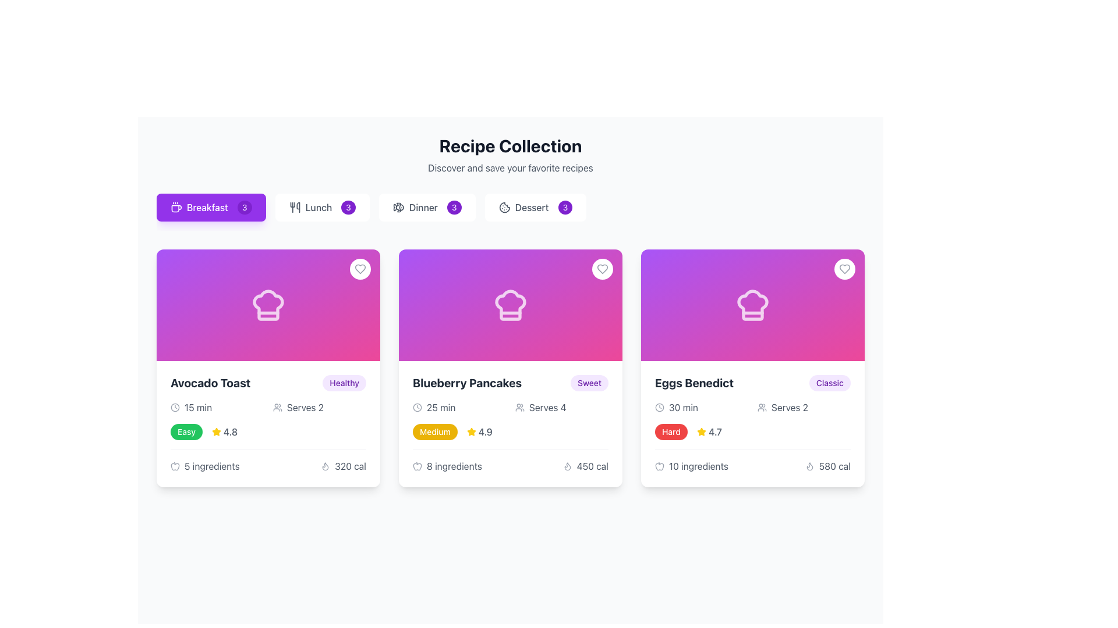 This screenshot has width=1118, height=628. I want to click on the chef hat icon located at the top center of the 'Eggs Benedict' card, which is the third card in the recipe listing interface, so click(752, 304).